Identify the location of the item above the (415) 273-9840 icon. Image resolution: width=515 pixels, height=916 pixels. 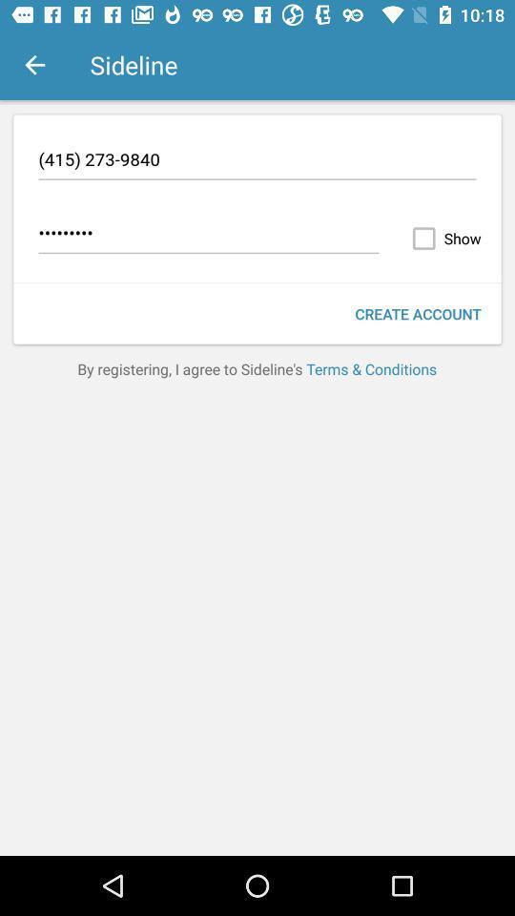
(34, 65).